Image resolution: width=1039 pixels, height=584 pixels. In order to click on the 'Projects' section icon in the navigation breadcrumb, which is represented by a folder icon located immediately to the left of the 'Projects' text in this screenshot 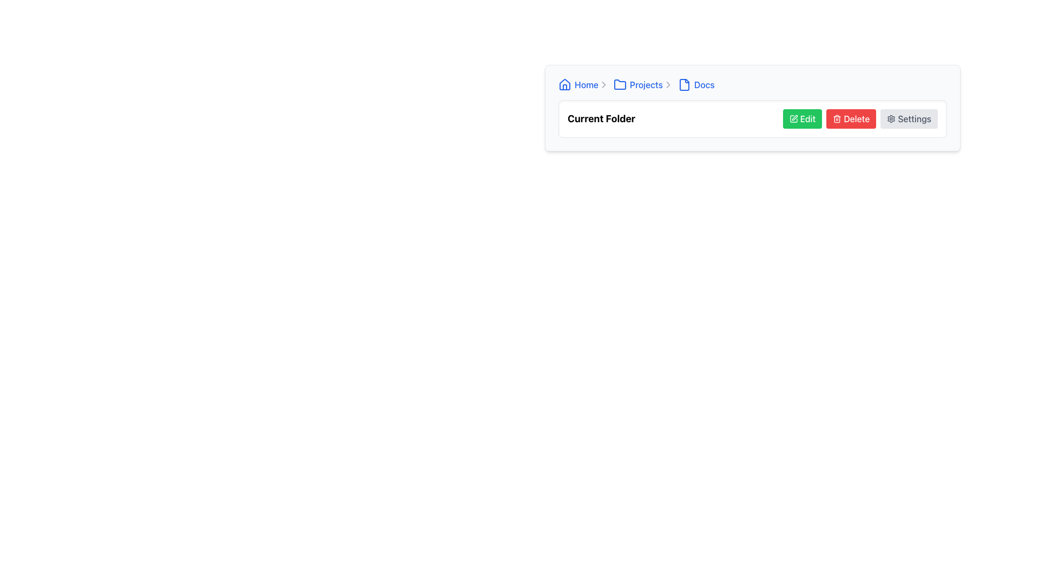, I will do `click(620, 84)`.